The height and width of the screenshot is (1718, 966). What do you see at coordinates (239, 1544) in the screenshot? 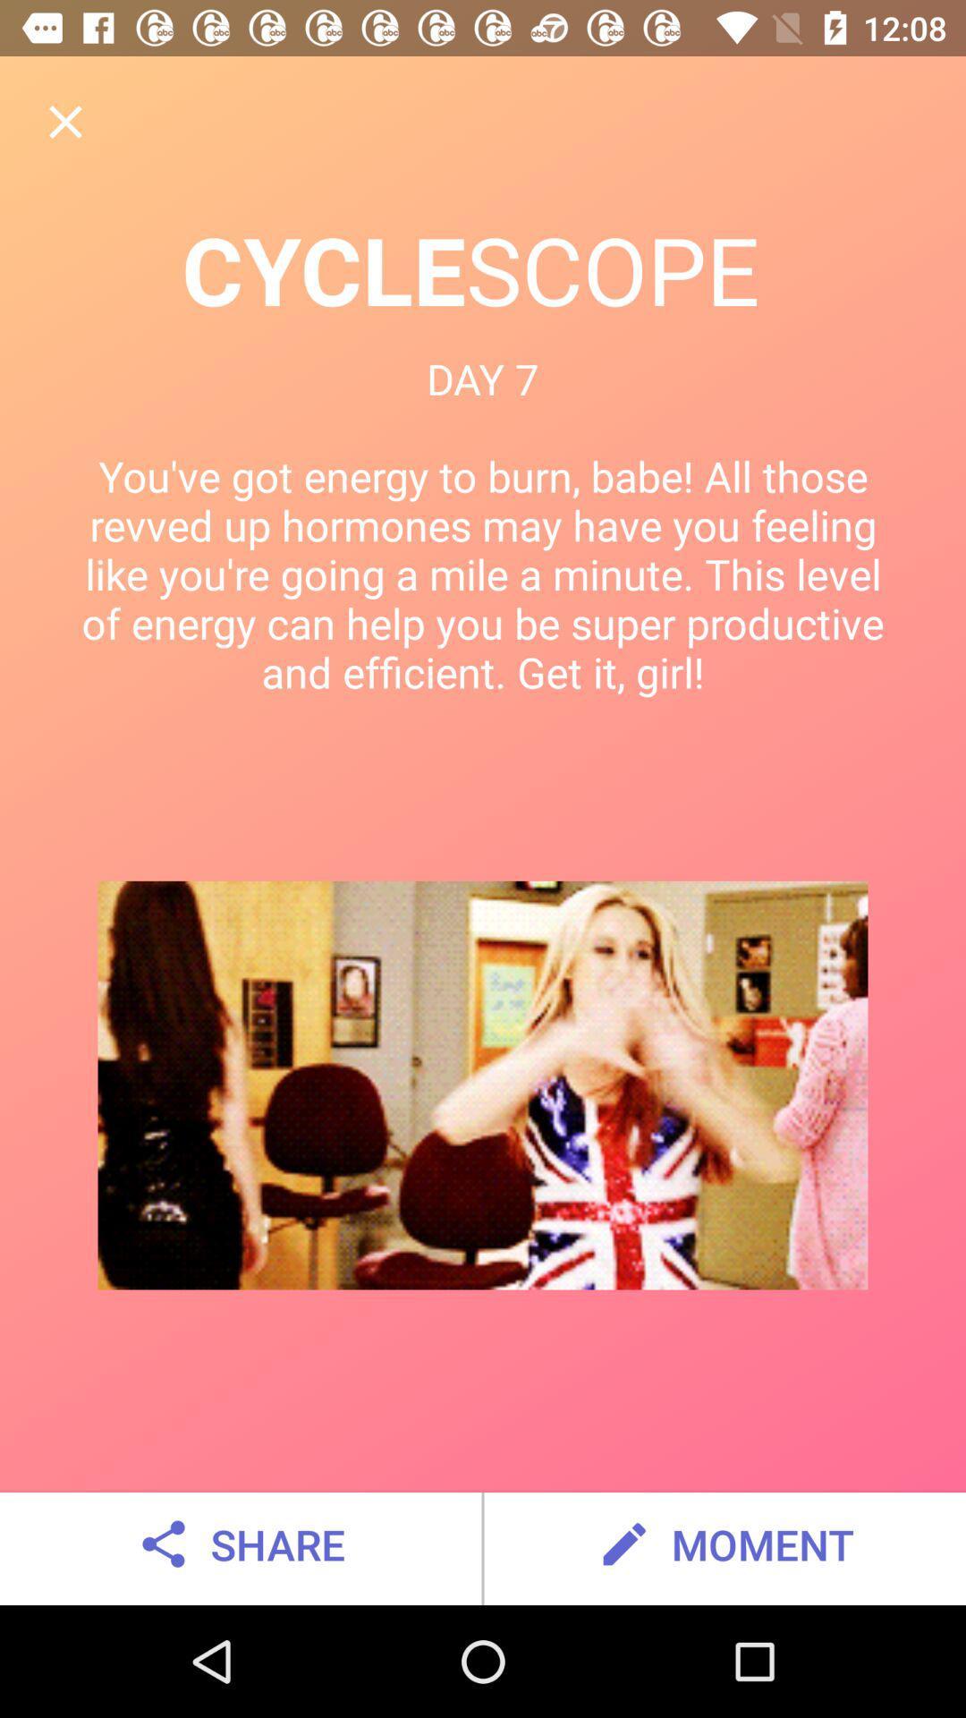
I see `the share` at bounding box center [239, 1544].